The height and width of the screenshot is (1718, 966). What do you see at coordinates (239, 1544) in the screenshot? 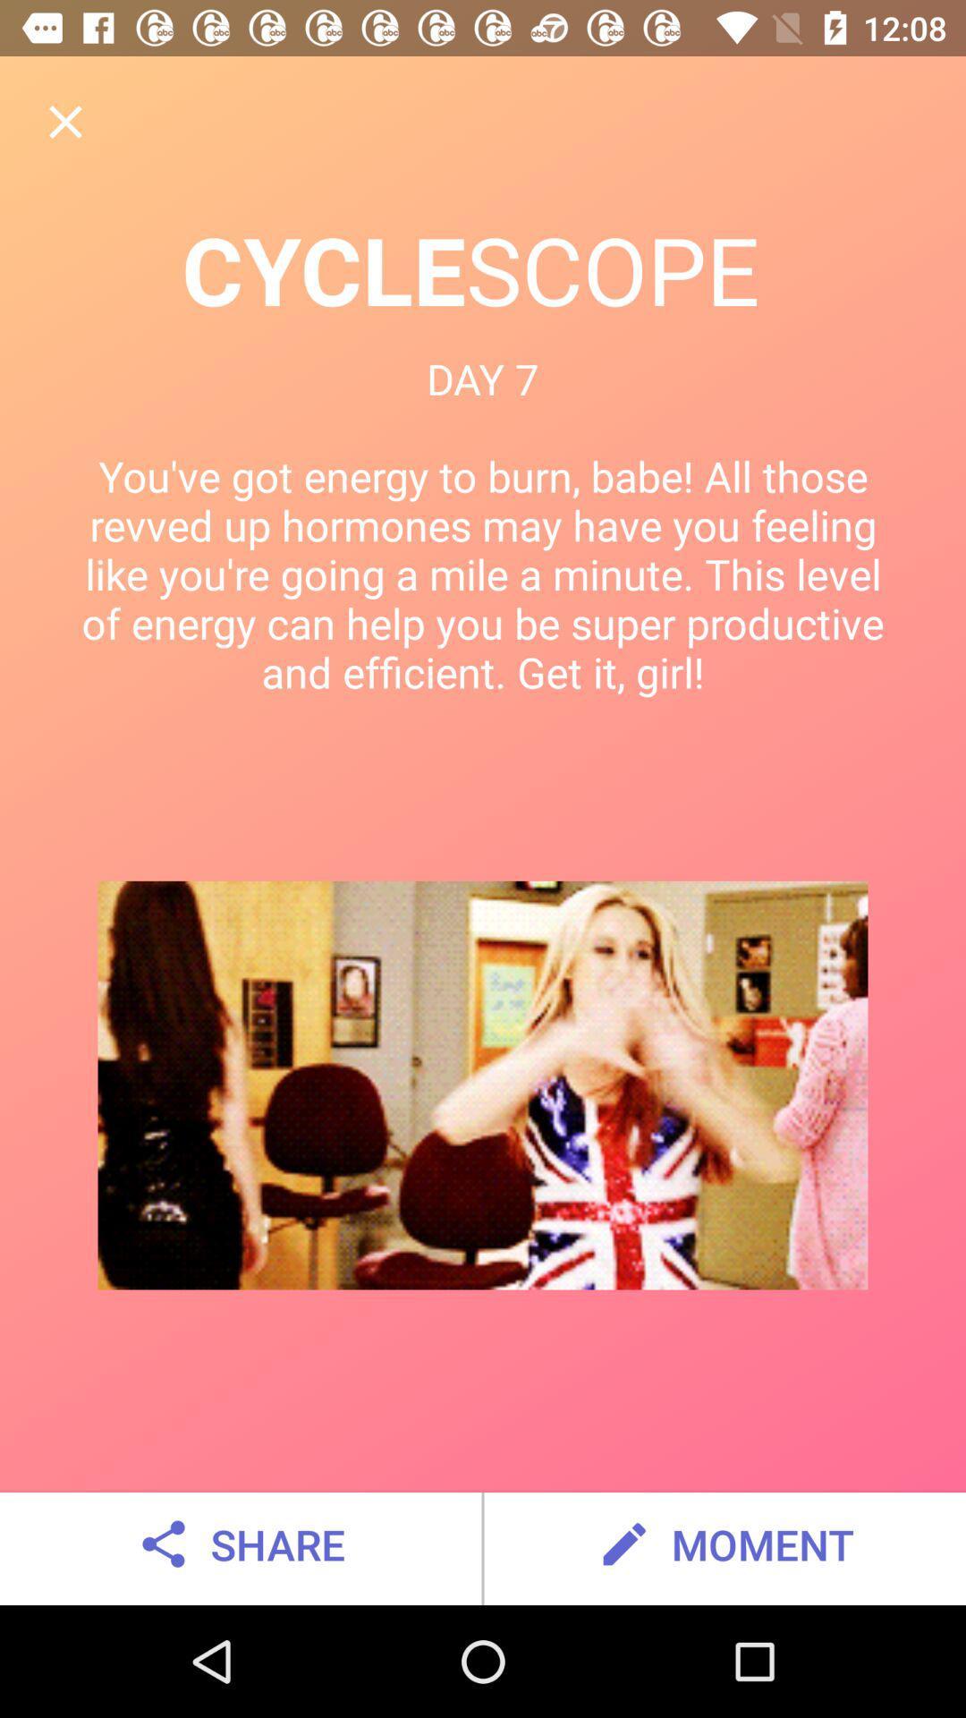
I see `the share` at bounding box center [239, 1544].